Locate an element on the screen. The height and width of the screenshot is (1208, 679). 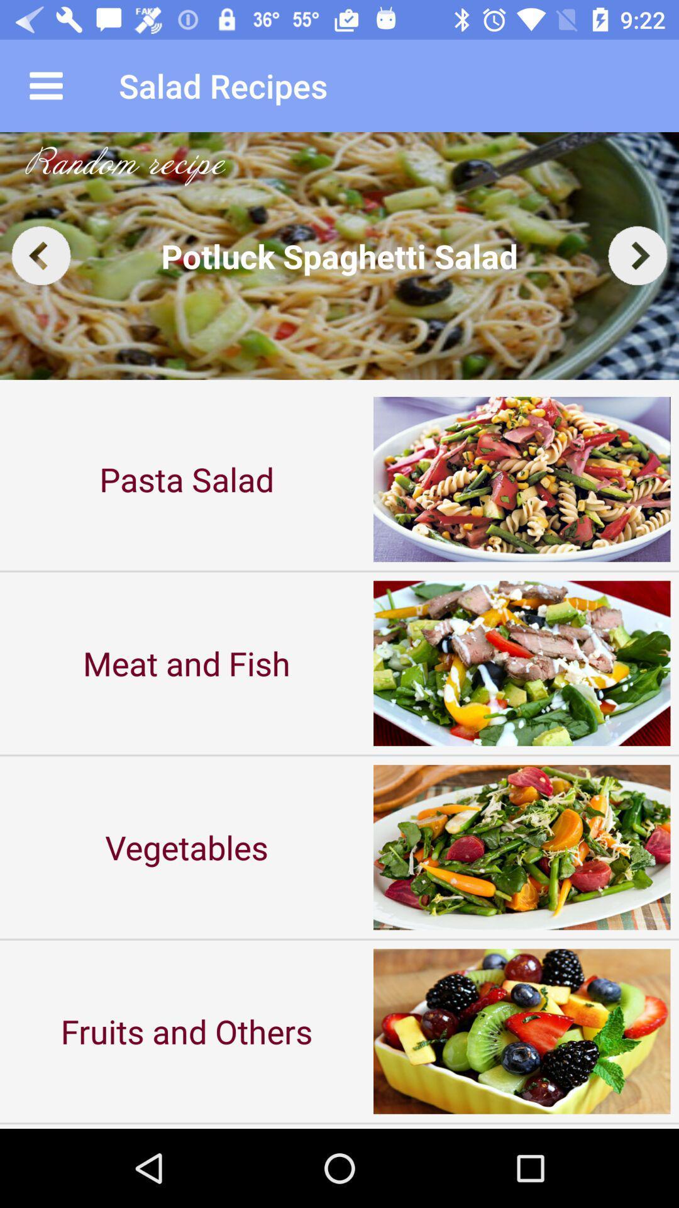
the icon below pasta salad item is located at coordinates (187, 663).